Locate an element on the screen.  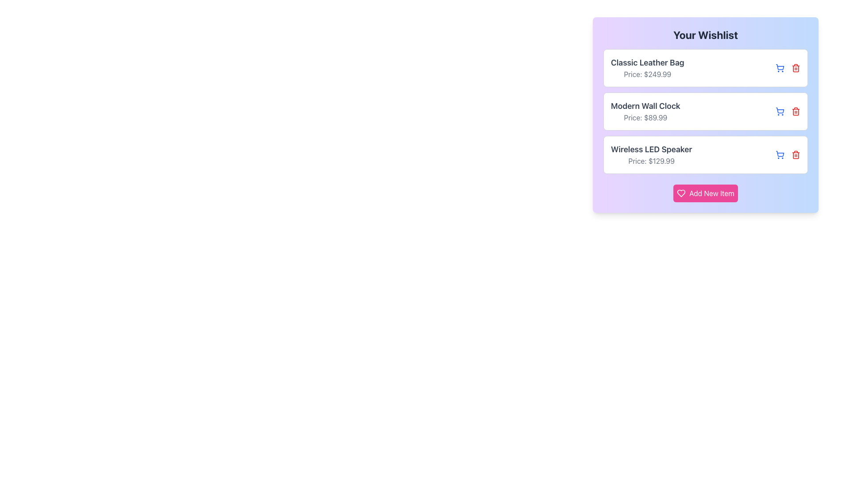
text label displaying 'Price: $89.99' located directly below the title 'Modern Wall Clock' in the second card of the wishlist interface is located at coordinates (645, 117).